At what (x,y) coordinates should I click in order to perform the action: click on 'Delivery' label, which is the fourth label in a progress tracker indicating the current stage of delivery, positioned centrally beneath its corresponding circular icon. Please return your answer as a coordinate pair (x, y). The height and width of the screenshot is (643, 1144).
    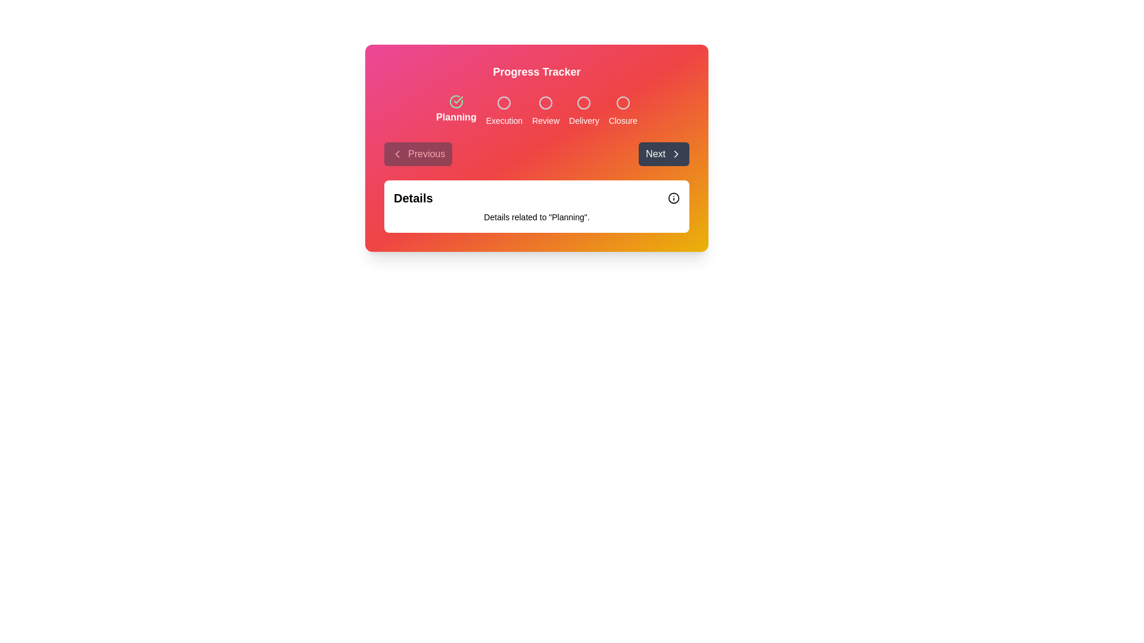
    Looking at the image, I should click on (584, 111).